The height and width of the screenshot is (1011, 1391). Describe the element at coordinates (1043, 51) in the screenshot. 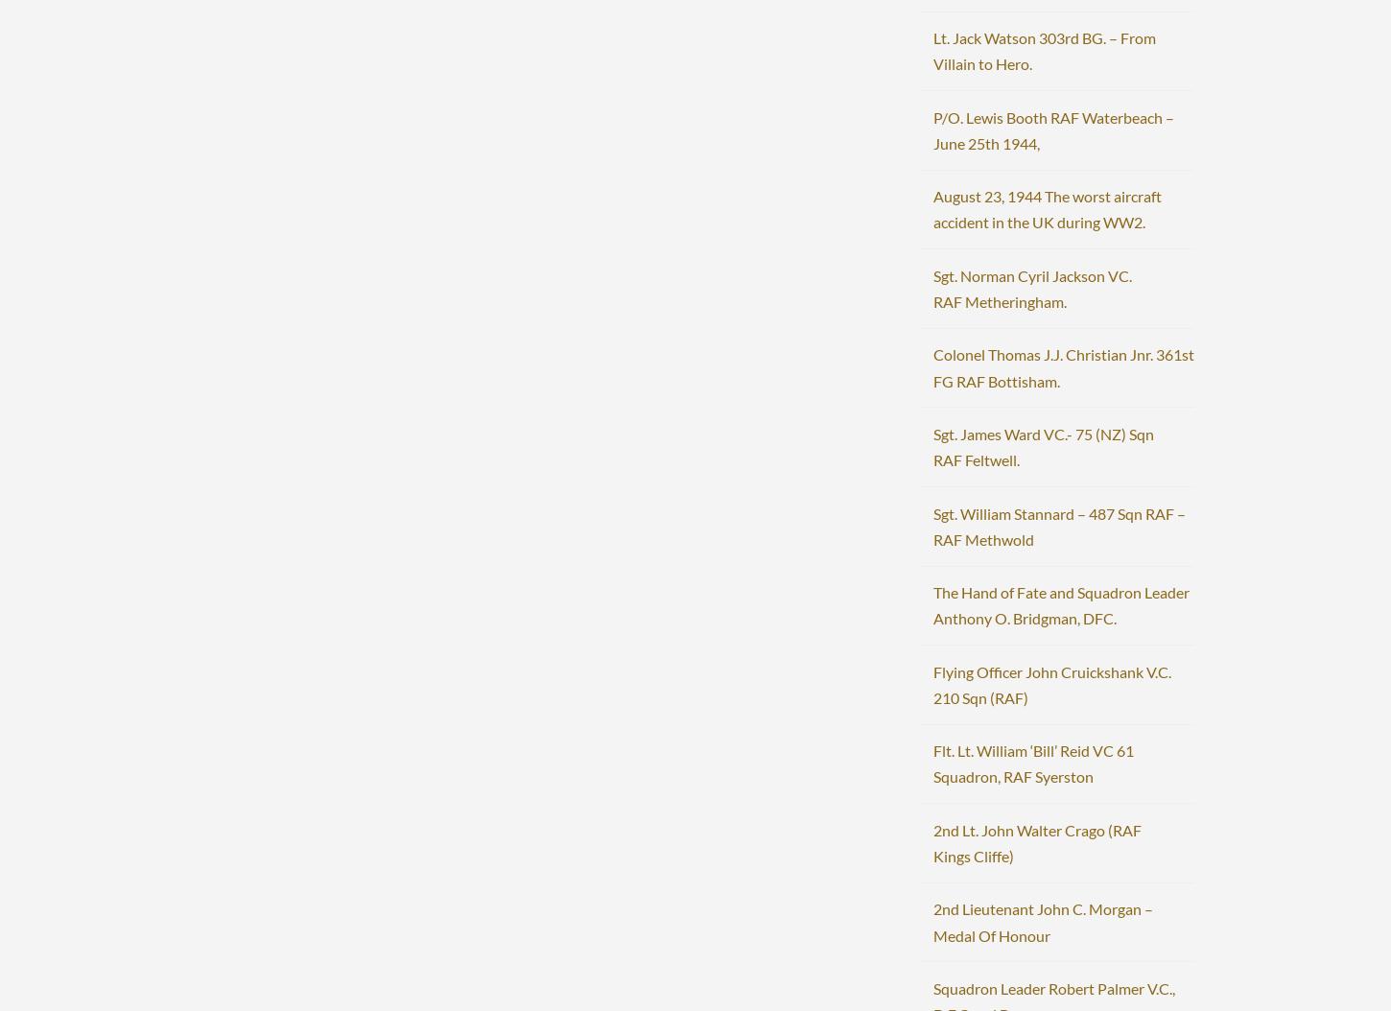

I see `'Lt. Jack Watson 303rd BG. – From Villain to Hero.'` at that location.